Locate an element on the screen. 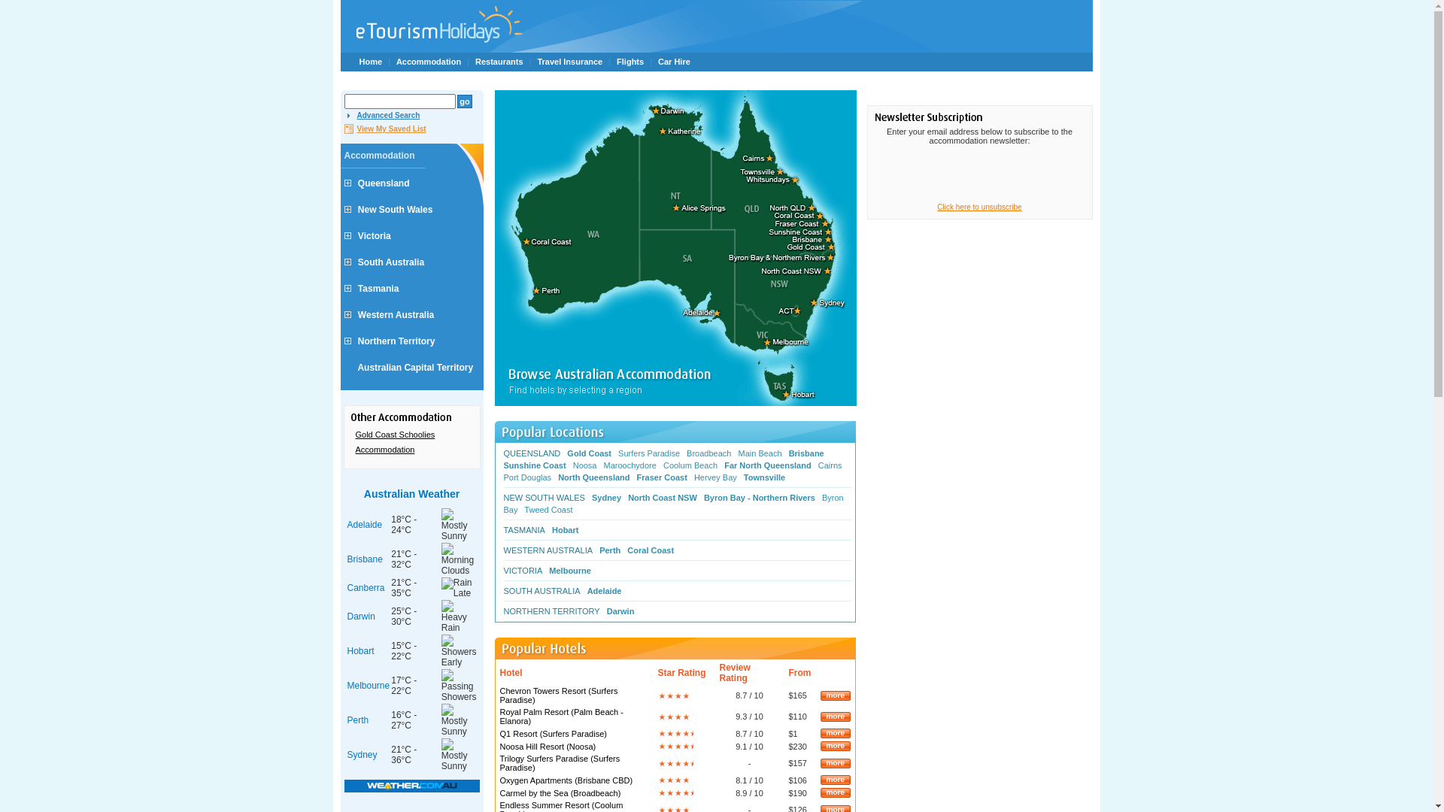  'Surfers Paradise' is located at coordinates (651, 452).